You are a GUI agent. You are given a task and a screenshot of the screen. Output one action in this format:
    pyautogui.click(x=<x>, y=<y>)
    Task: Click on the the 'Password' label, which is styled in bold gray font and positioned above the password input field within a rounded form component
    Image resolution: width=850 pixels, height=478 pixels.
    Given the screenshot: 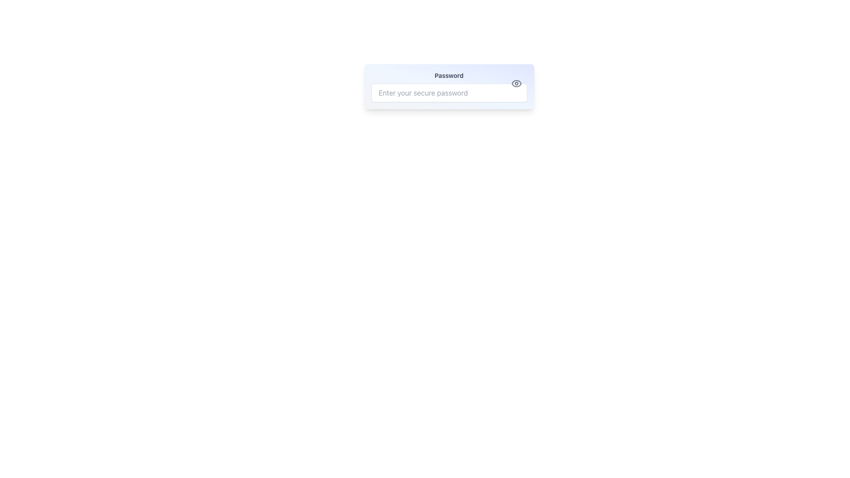 What is the action you would take?
    pyautogui.click(x=449, y=75)
    